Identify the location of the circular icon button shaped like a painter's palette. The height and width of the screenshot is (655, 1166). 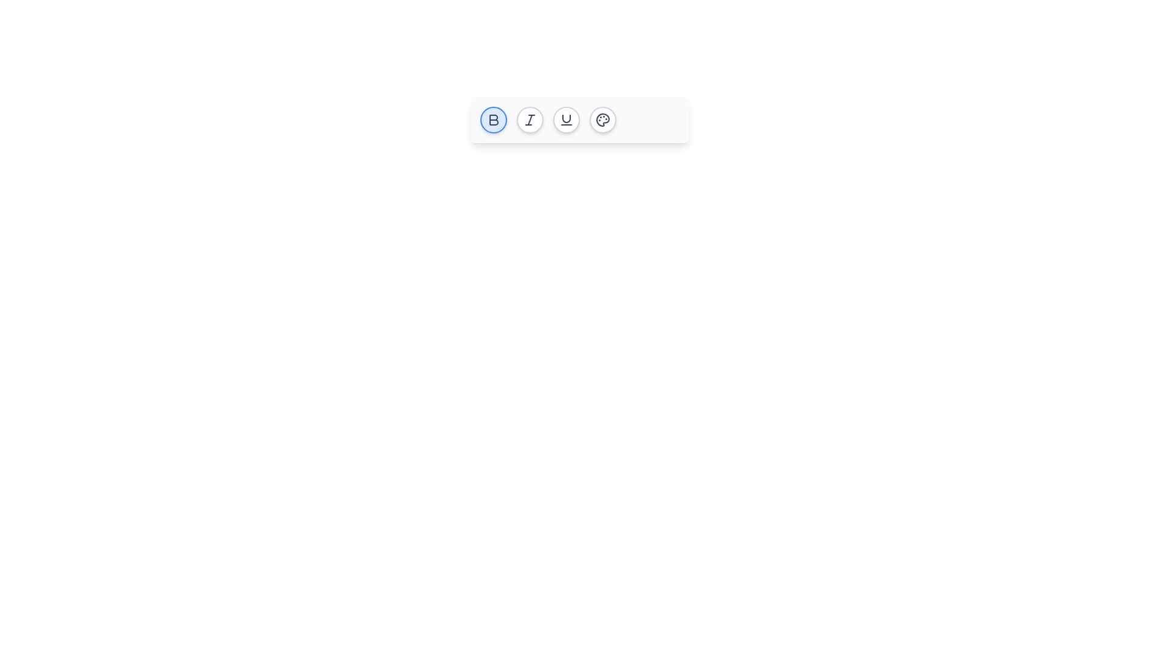
(603, 119).